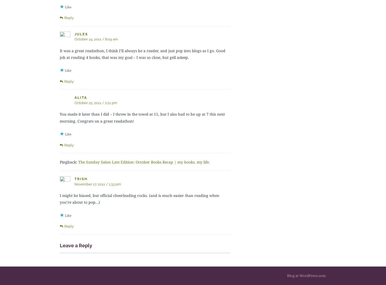 The width and height of the screenshot is (386, 285). Describe the element at coordinates (76, 245) in the screenshot. I see `'Leave a Reply'` at that location.